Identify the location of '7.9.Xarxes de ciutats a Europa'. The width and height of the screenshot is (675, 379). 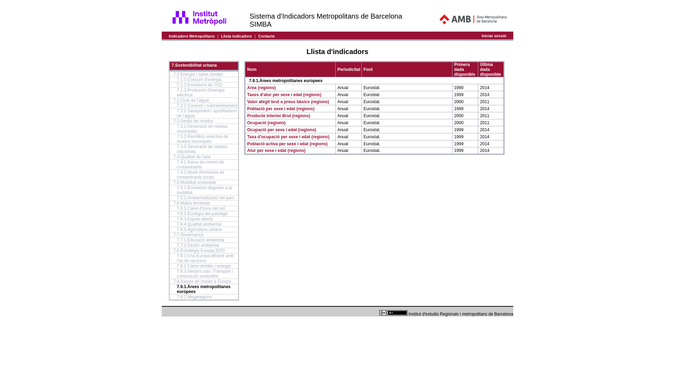
(202, 281).